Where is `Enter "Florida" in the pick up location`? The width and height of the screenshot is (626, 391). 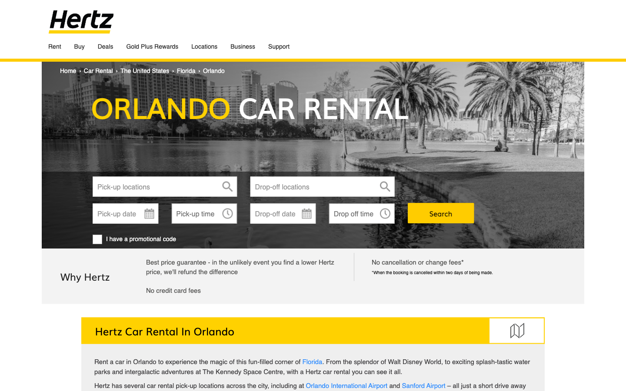 Enter "Florida" in the pick up location is located at coordinates (164, 186).